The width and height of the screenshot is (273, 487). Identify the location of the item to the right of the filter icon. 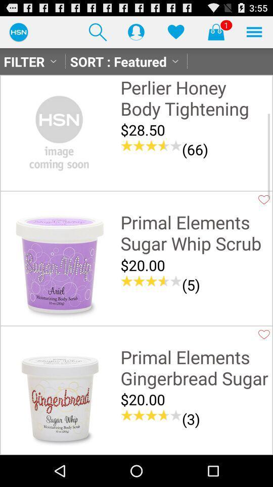
(98, 31).